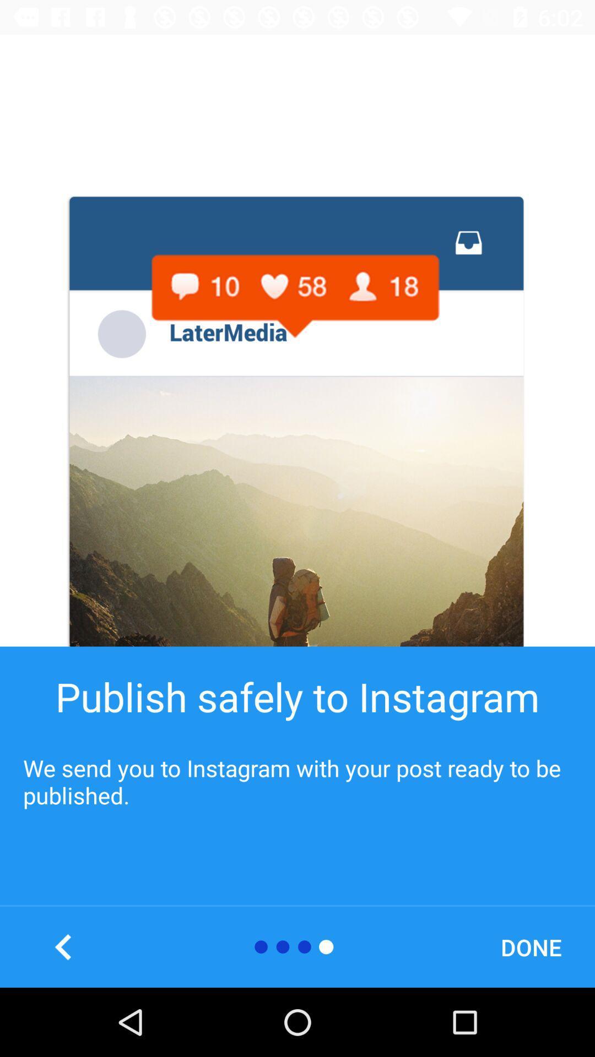  I want to click on back button, so click(63, 946).